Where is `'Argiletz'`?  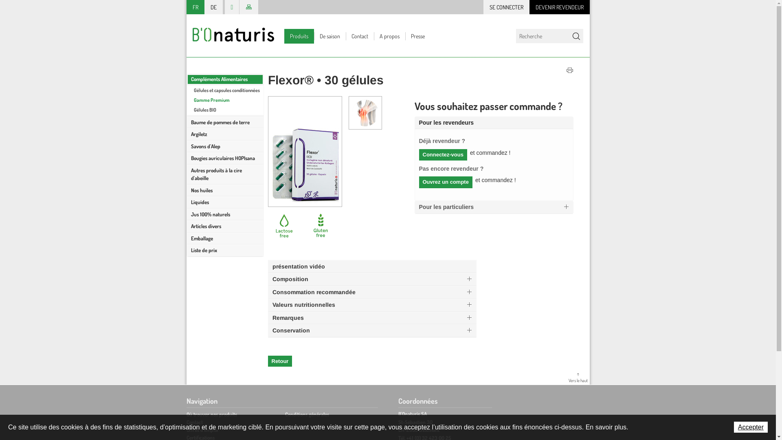
'Argiletz' is located at coordinates (225, 134).